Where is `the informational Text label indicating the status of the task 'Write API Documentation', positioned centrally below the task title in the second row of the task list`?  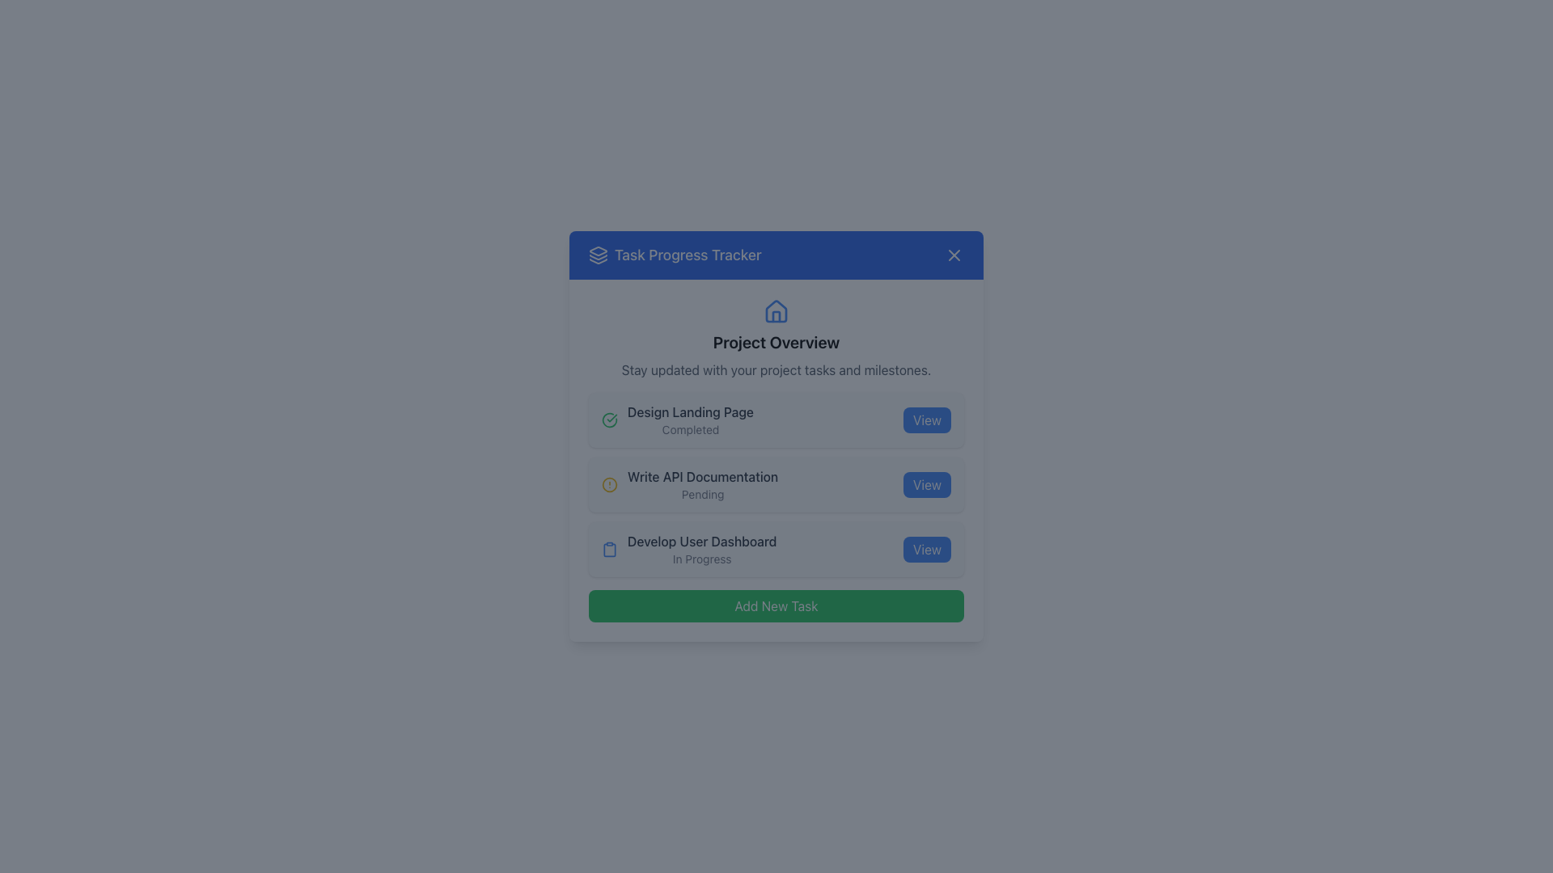 the informational Text label indicating the status of the task 'Write API Documentation', positioned centrally below the task title in the second row of the task list is located at coordinates (703, 494).